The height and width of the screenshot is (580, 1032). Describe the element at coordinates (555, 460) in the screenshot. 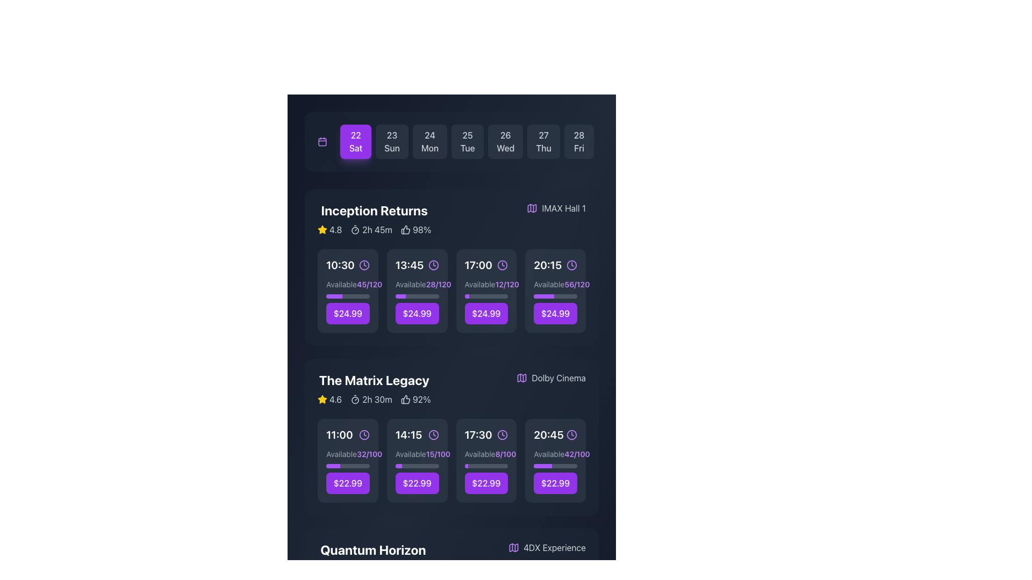

I see `the 'Select Seats' button, which is a rounded rectangular button with a purple background and white text, located in the bottom-right section of the 'The Matrix Legacy 20:45' ticket option card` at that location.